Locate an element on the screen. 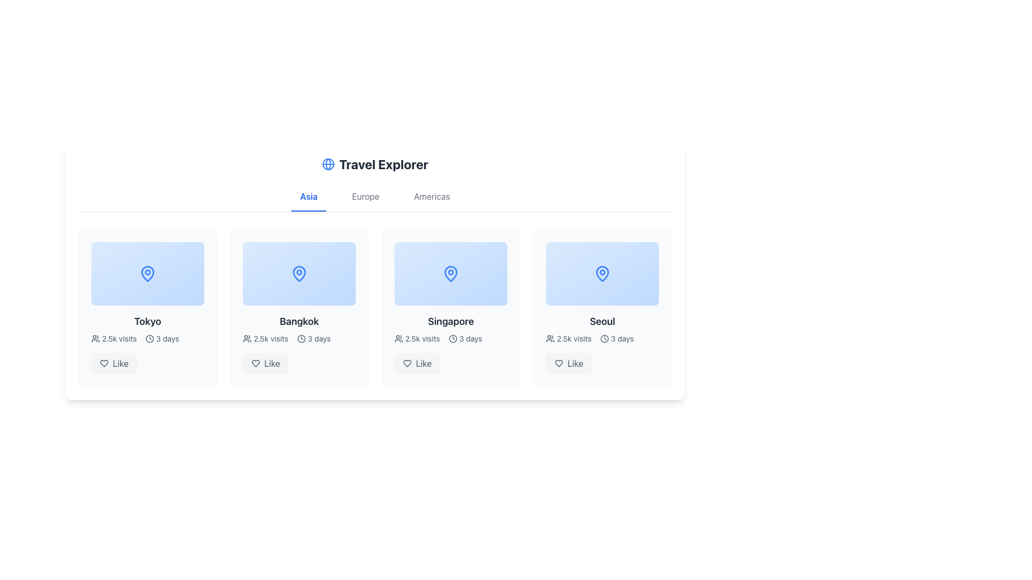 The height and width of the screenshot is (580, 1032). the heart icon, which visually represents the 'Like' action, located under the card titled 'Singapore' in the third column of the interactive card grid layout is located at coordinates (407, 363).